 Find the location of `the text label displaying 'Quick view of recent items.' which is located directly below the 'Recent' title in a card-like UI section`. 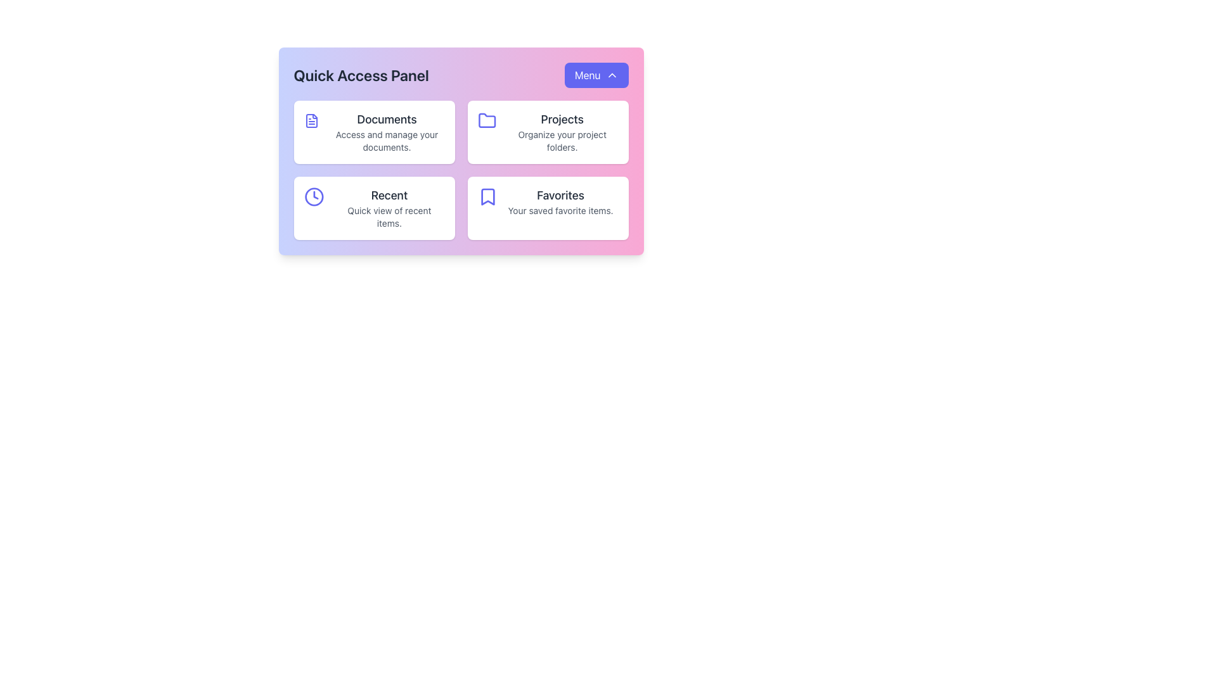

the text label displaying 'Quick view of recent items.' which is located directly below the 'Recent' title in a card-like UI section is located at coordinates (389, 217).